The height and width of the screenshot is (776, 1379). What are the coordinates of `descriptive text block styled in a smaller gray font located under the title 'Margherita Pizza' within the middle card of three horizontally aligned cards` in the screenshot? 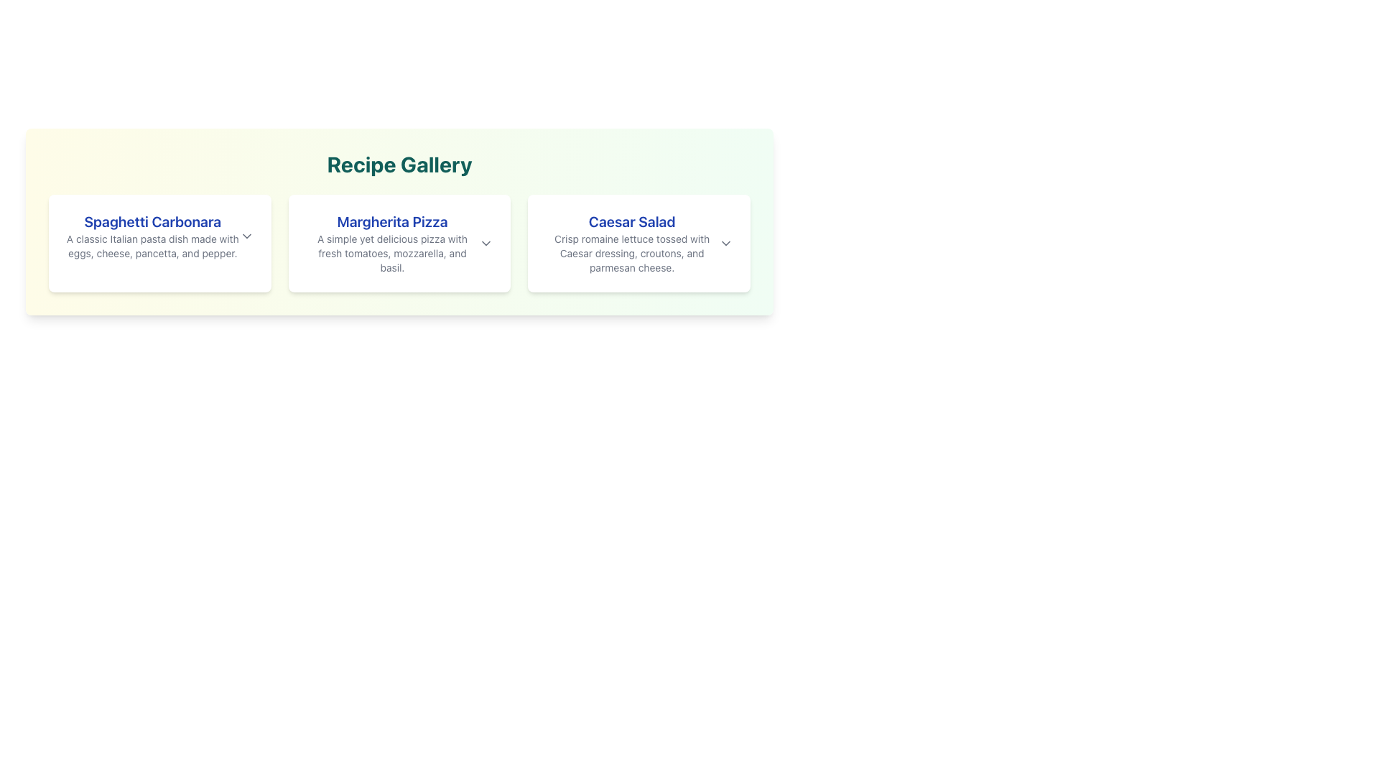 It's located at (392, 253).